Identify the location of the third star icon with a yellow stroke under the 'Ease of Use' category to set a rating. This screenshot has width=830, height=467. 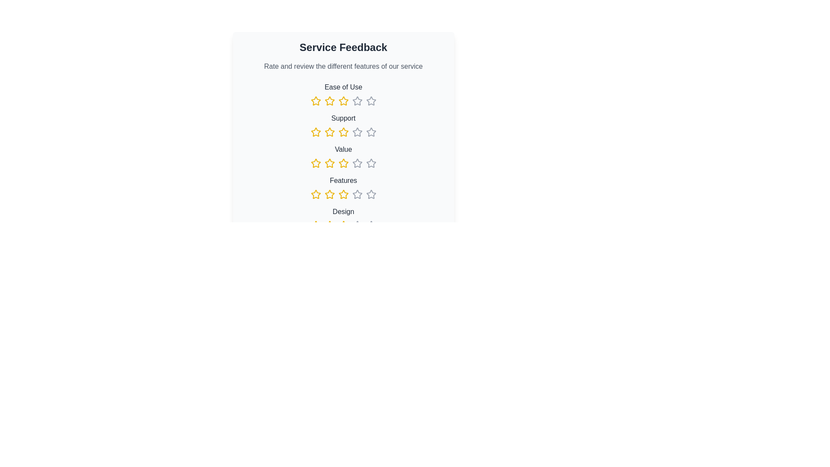
(329, 101).